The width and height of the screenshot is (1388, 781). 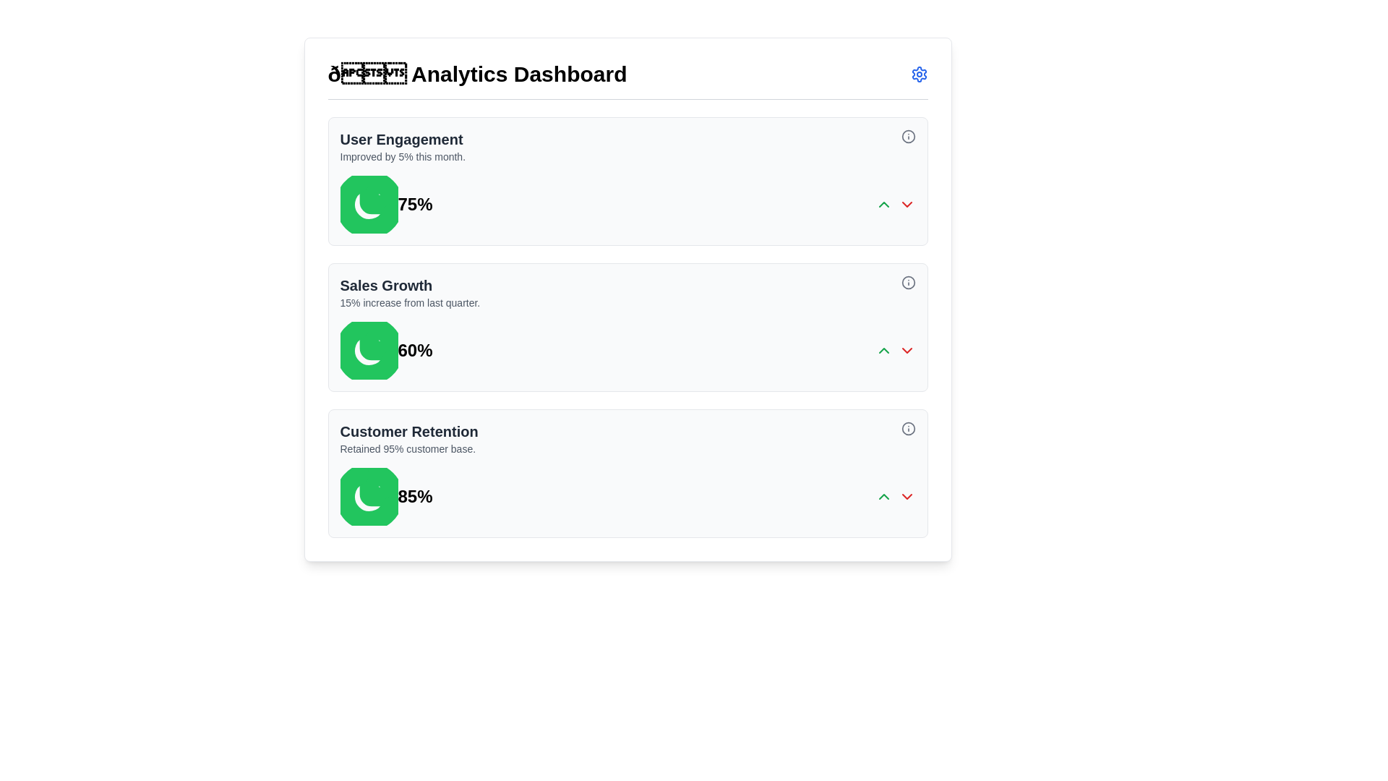 I want to click on the downward SVG icon indicating a collapse operation in the 'Customer Retention' card for keyboard interactions, so click(x=906, y=495).